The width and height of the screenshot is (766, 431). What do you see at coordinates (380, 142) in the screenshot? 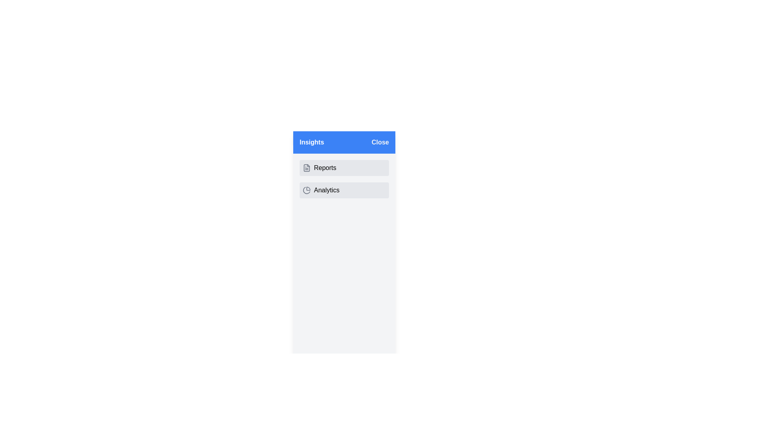
I see `the close button located at the top-right corner of the header panel` at bounding box center [380, 142].